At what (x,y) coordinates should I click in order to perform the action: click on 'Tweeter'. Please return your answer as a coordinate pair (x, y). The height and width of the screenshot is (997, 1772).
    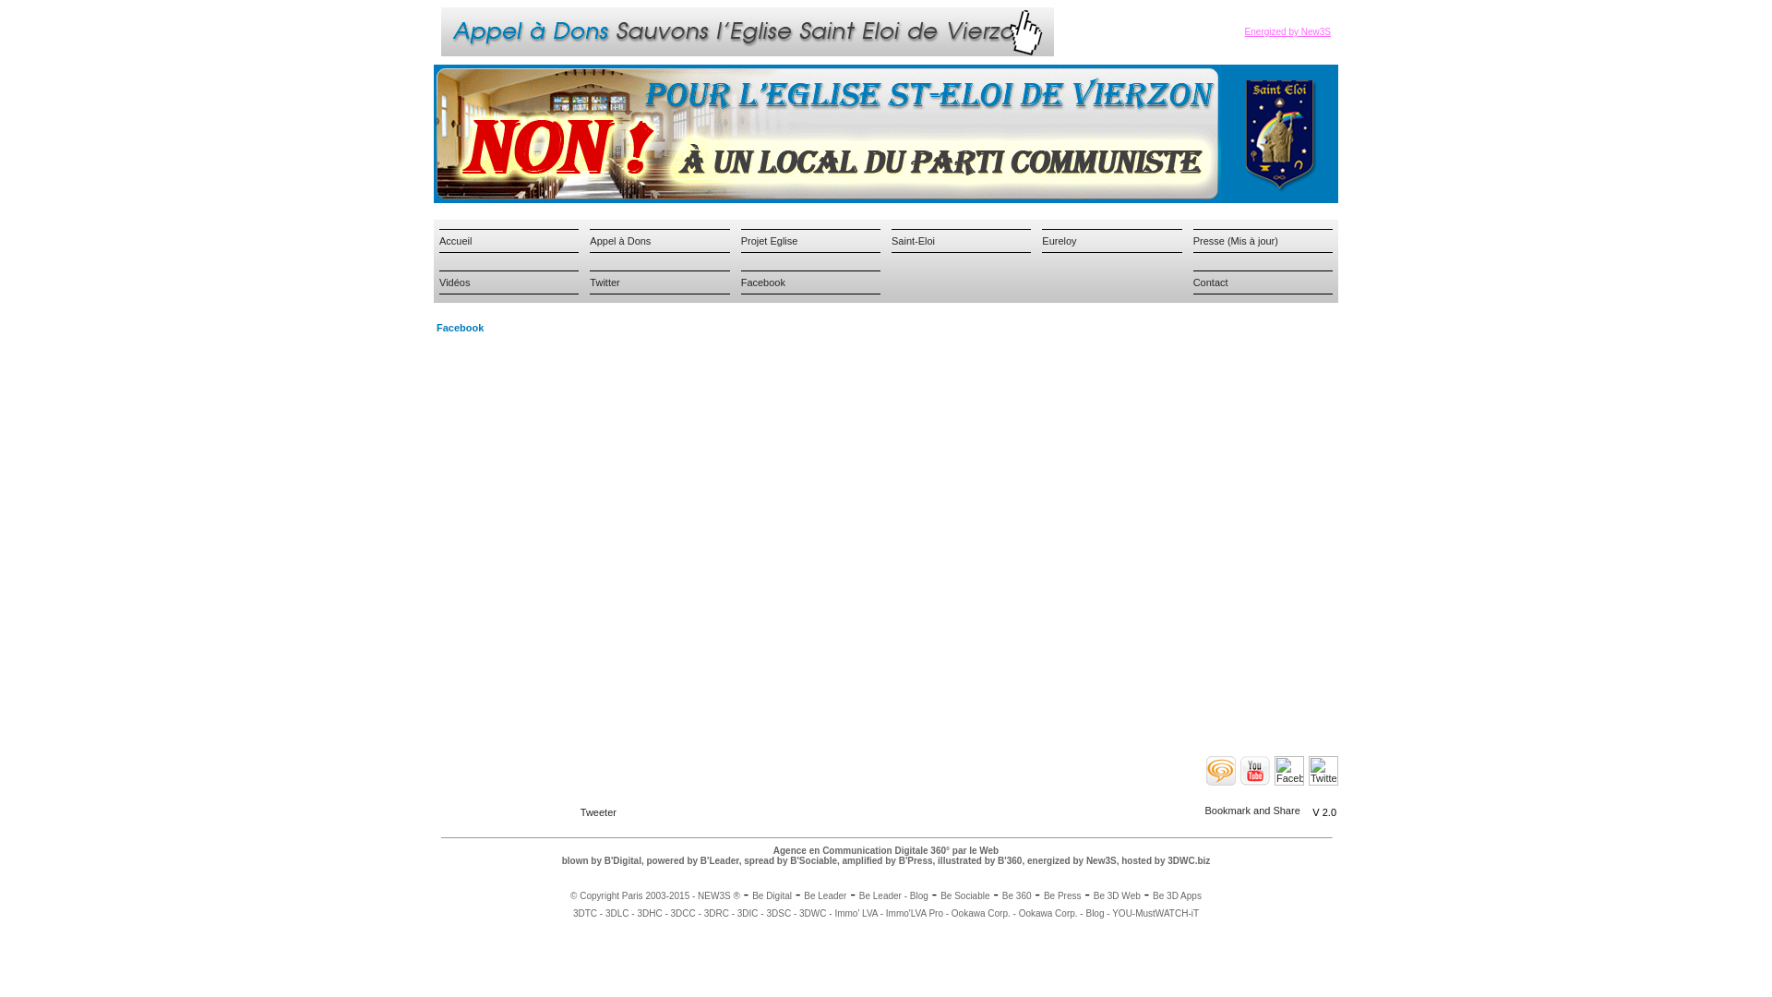
    Looking at the image, I should click on (598, 811).